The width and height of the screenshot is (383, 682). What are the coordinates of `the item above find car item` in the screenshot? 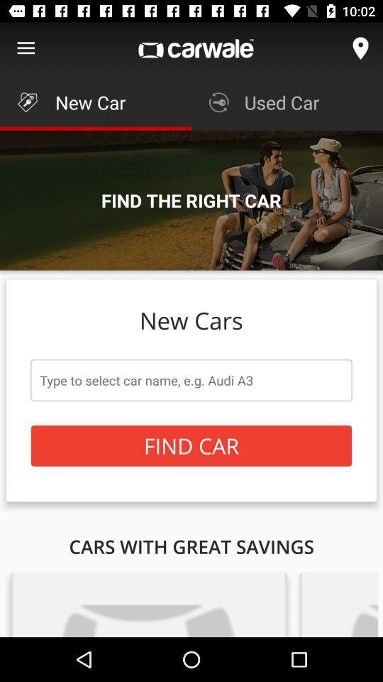 It's located at (191, 379).